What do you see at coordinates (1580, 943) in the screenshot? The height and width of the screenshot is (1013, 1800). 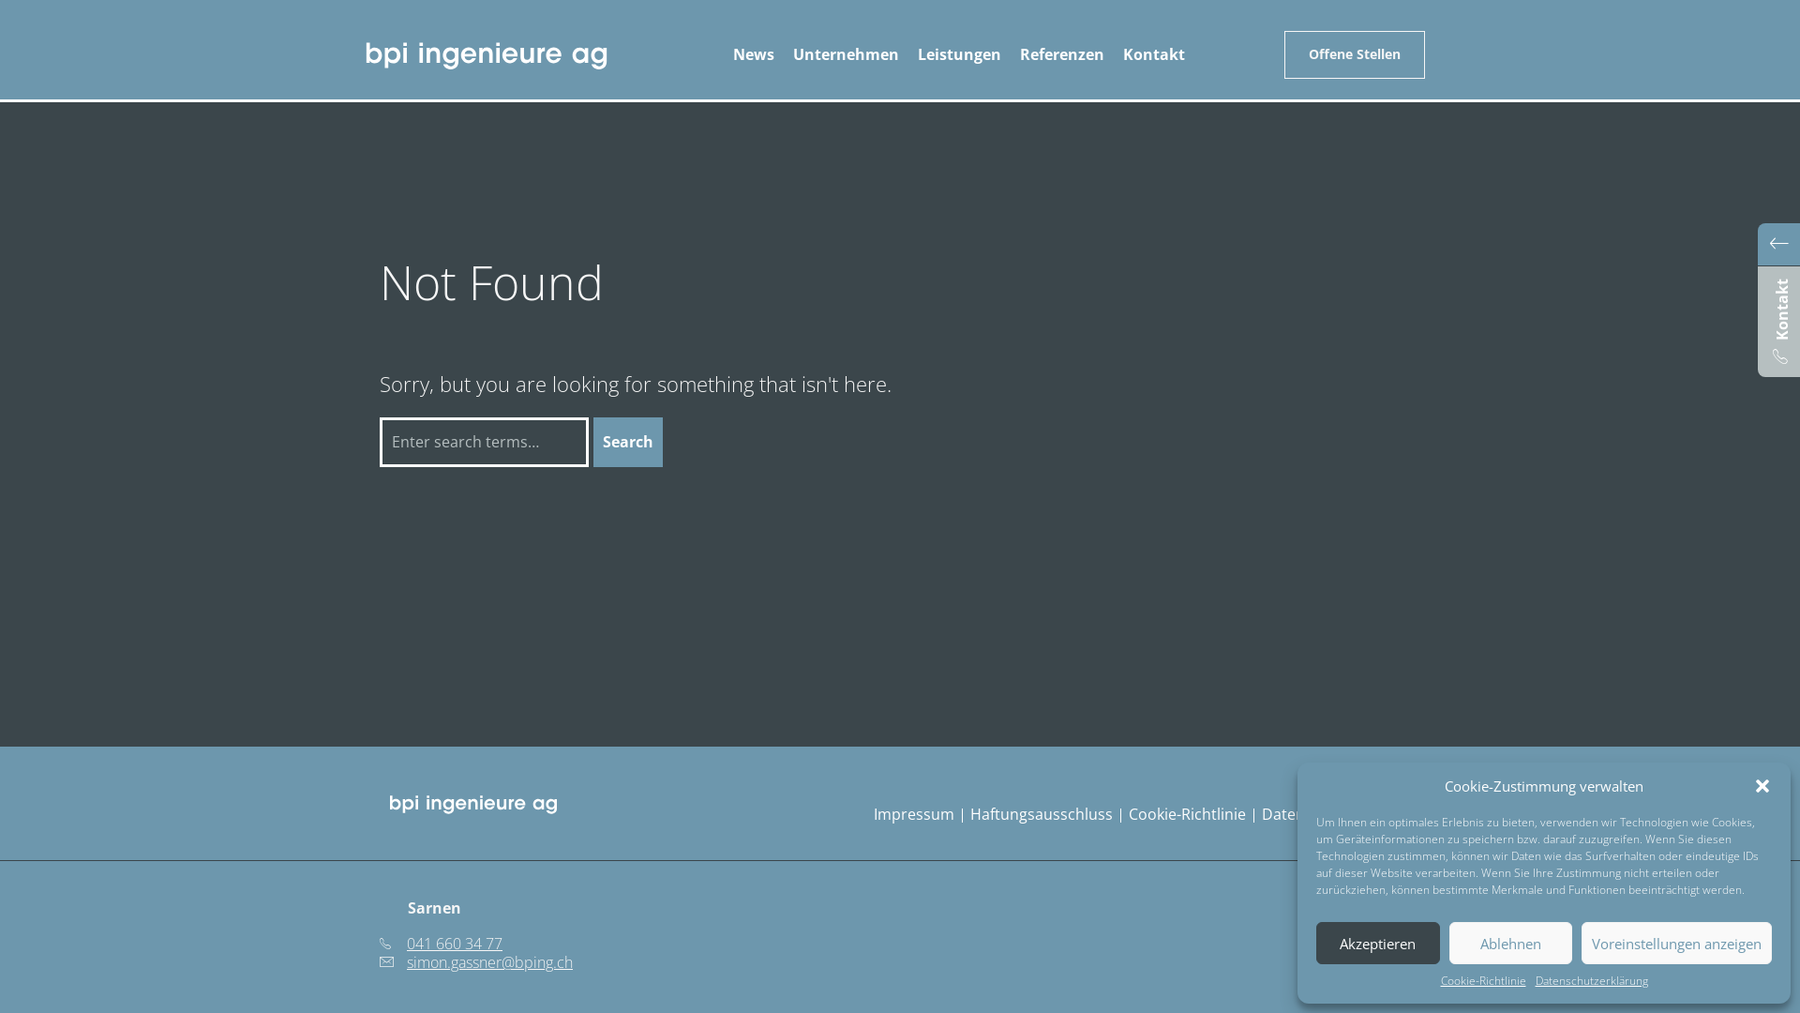 I see `'Voreinstellungen anzeigen'` at bounding box center [1580, 943].